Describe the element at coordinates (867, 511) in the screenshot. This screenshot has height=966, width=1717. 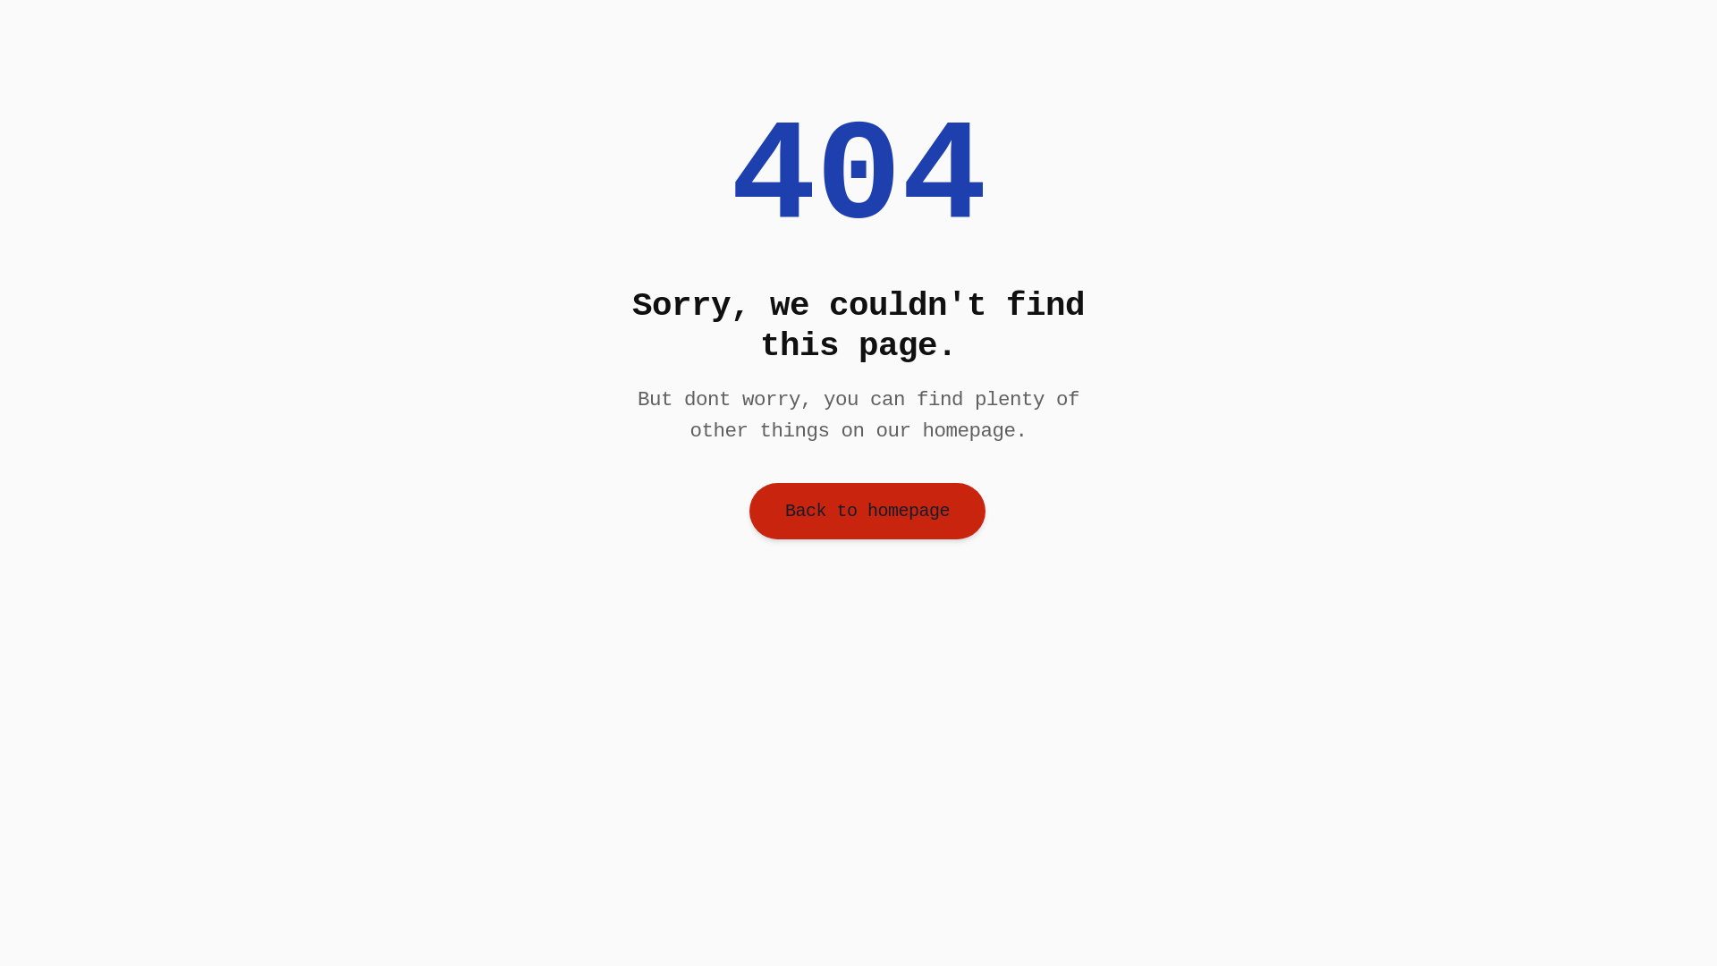
I see `'Back to homepage'` at that location.